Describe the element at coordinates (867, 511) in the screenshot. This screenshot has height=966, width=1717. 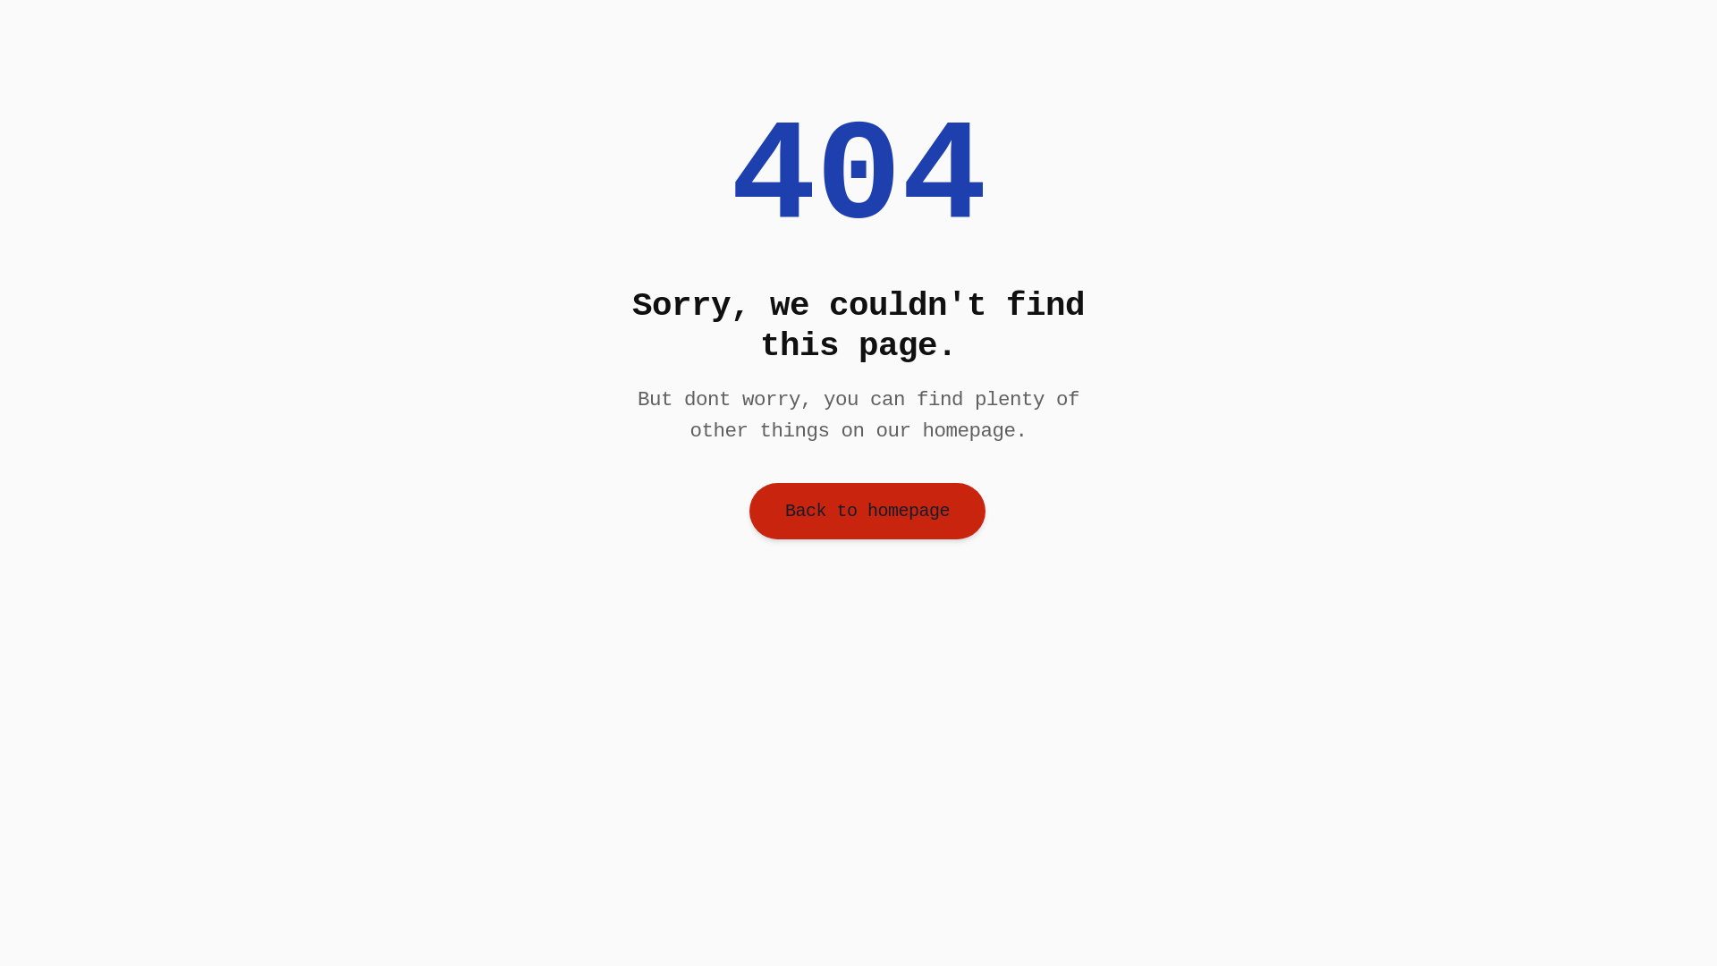
I see `'Back to homepage'` at that location.